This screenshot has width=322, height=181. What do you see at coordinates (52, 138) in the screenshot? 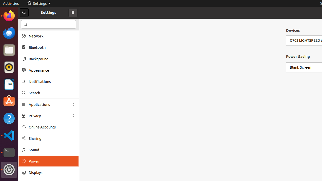
I see `'Sharing'` at bounding box center [52, 138].